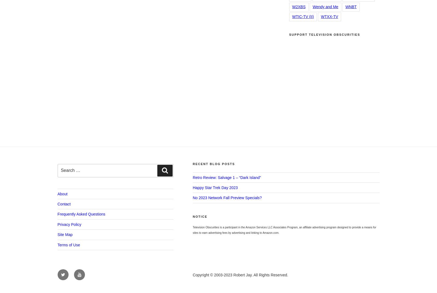 The image size is (437, 293). What do you see at coordinates (69, 244) in the screenshot?
I see `'Terms of Use'` at bounding box center [69, 244].